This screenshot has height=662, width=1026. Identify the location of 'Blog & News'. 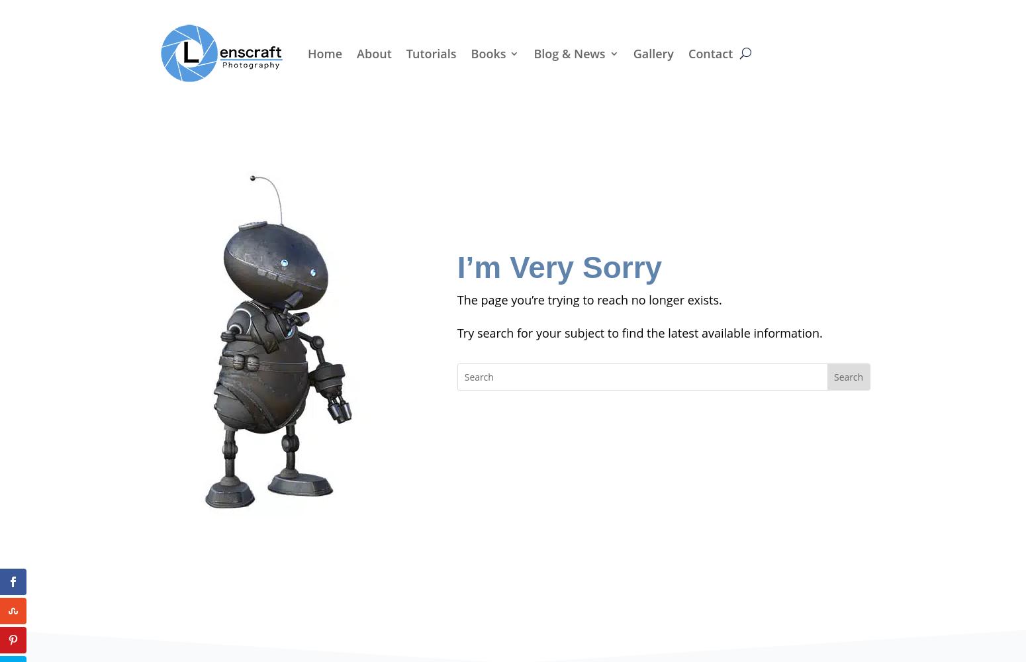
(569, 52).